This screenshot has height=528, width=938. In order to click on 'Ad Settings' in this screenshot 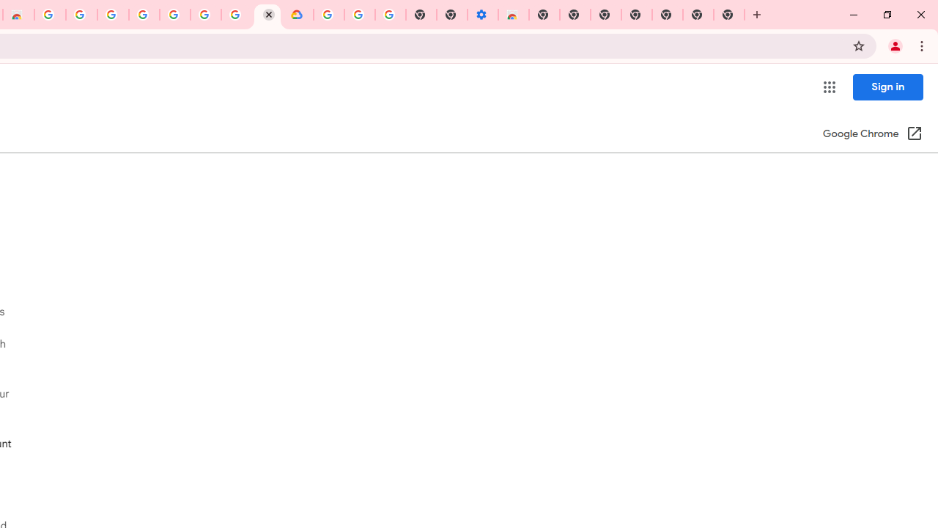, I will do `click(112, 15)`.